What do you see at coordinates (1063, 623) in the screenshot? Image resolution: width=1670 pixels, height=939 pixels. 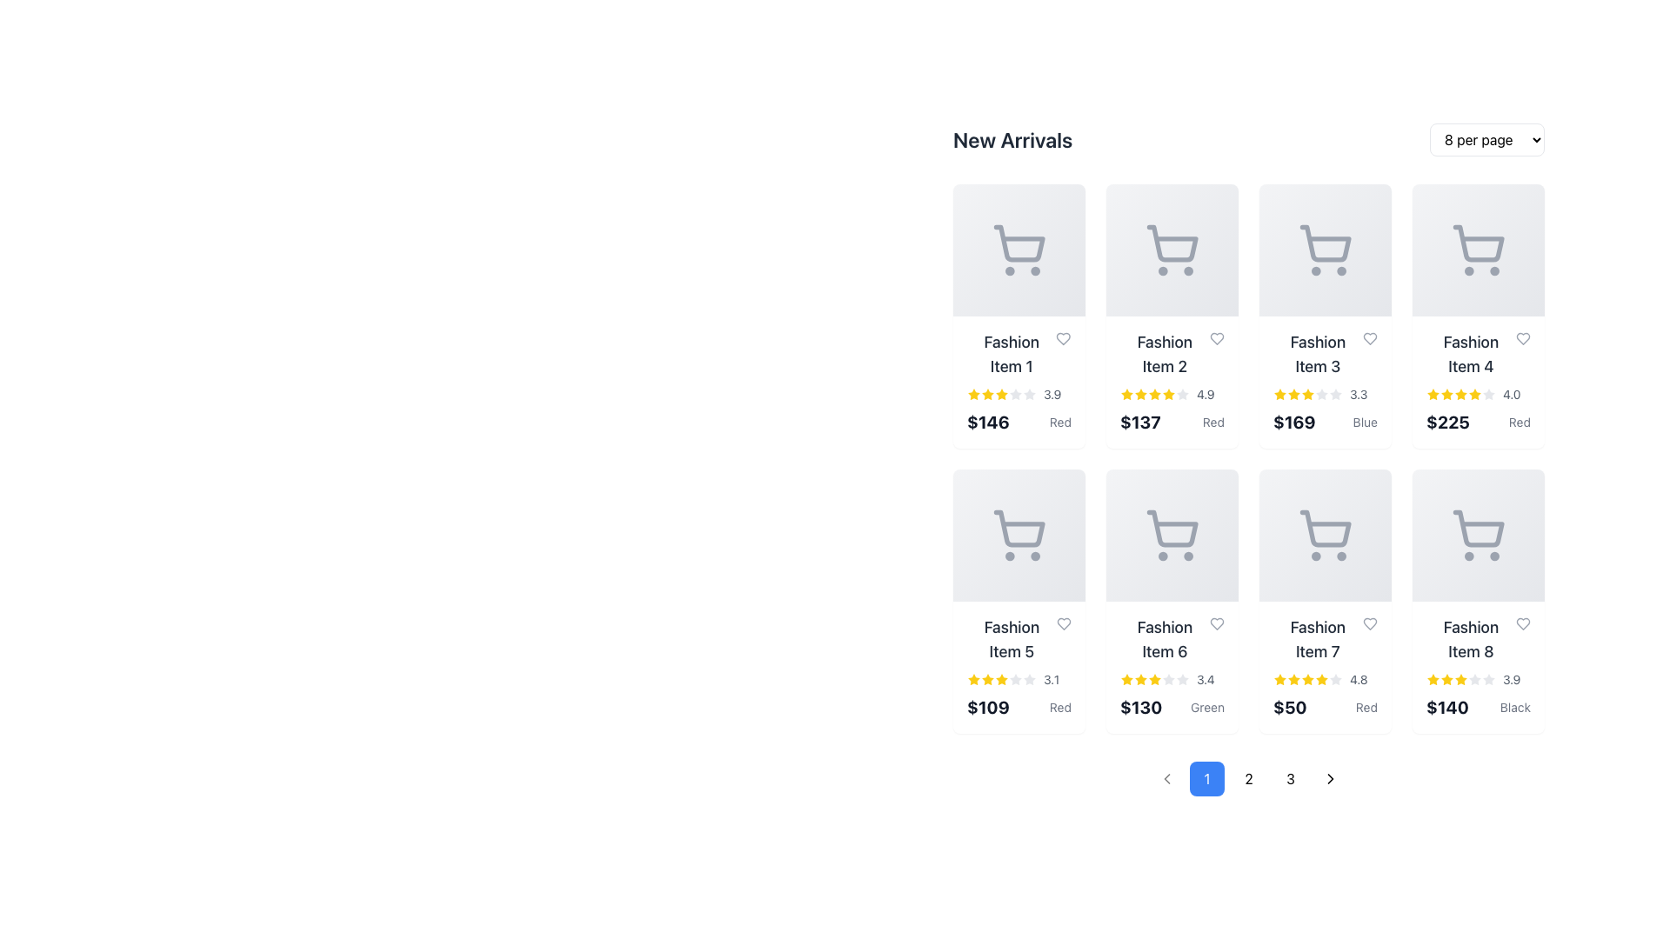 I see `the heart-shaped icon button located to the right of 'Fashion Item 5' to favorite the item` at bounding box center [1063, 623].